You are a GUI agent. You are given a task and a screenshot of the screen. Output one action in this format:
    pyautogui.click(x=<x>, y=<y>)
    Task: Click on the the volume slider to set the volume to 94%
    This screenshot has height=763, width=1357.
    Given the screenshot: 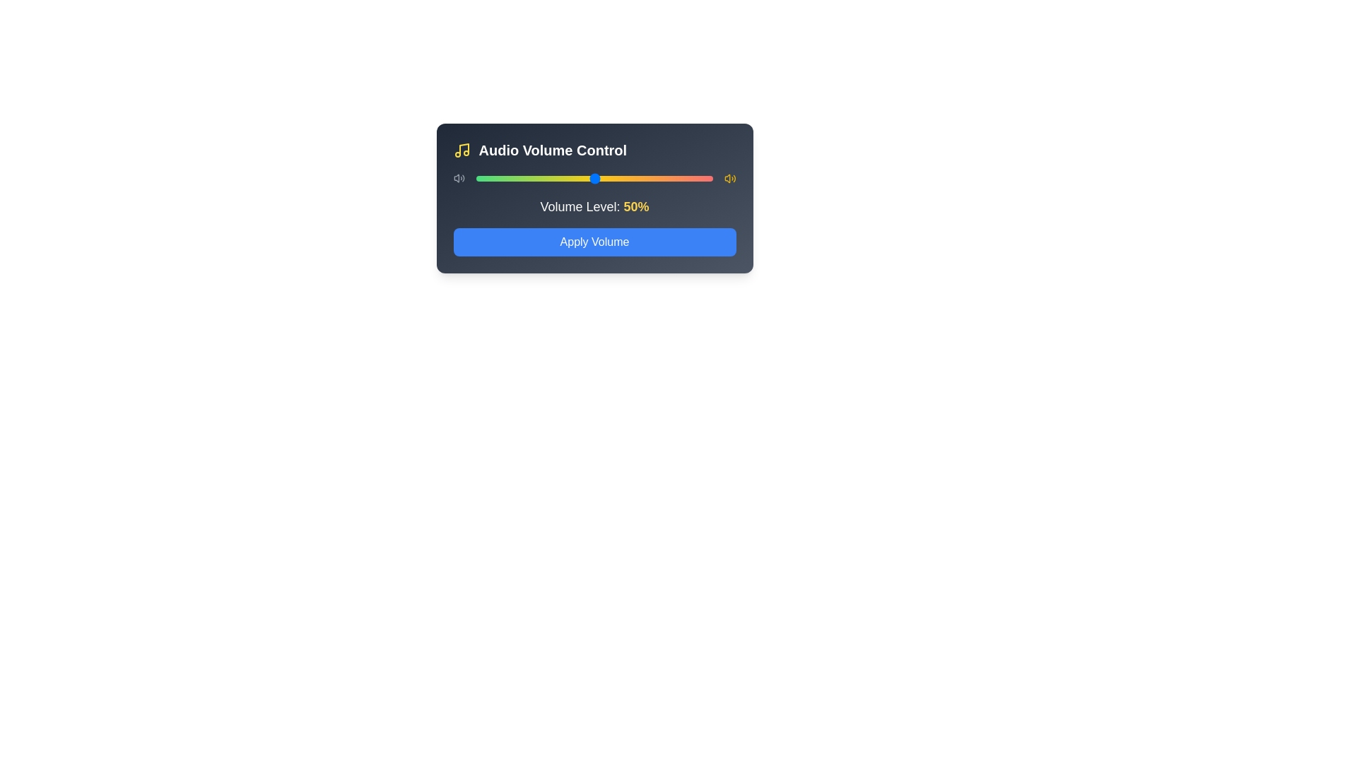 What is the action you would take?
    pyautogui.click(x=698, y=178)
    